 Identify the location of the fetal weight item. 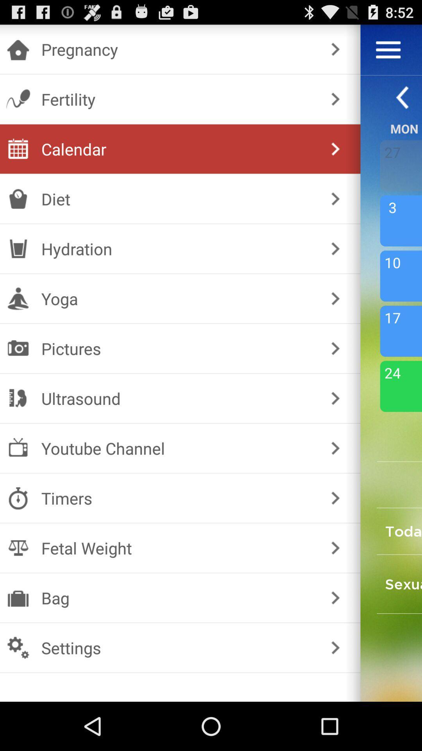
(179, 548).